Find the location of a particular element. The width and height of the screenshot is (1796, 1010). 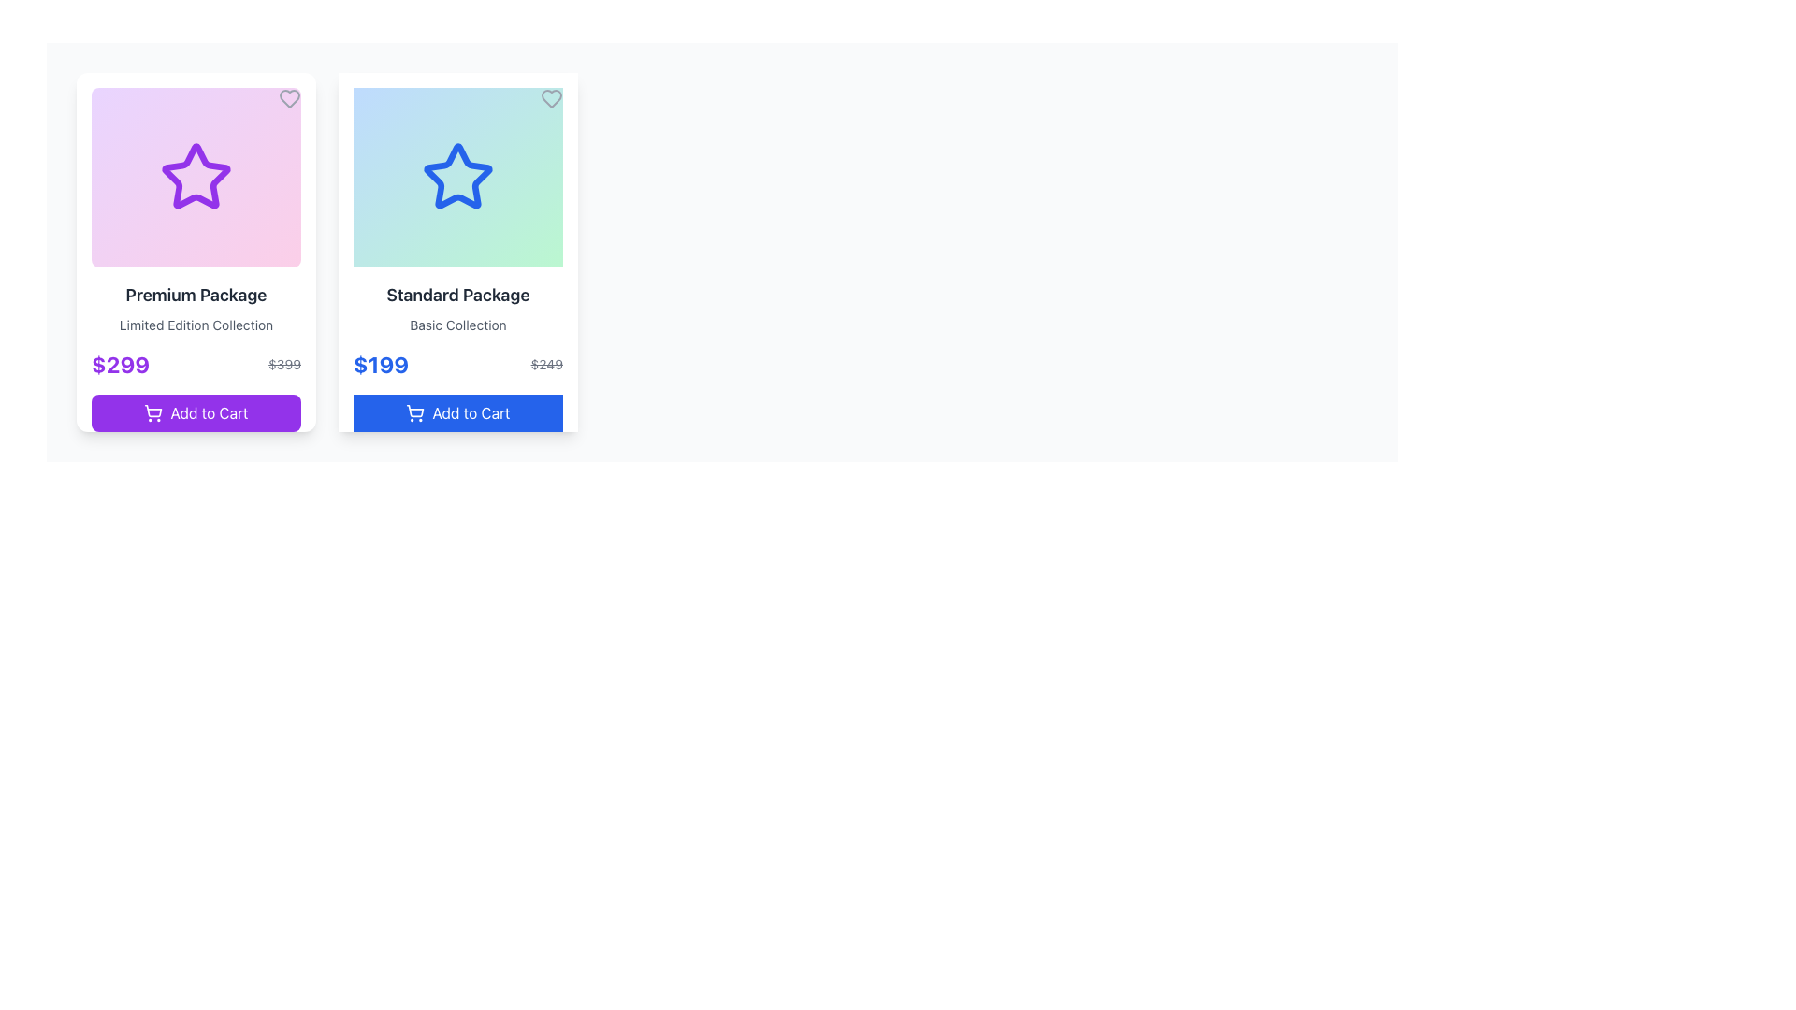

the 'Add to Cart' button, which is a rectangular button with a blue background and white text, located at the bottom center of the 'Standard Package' card is located at coordinates (457, 412).